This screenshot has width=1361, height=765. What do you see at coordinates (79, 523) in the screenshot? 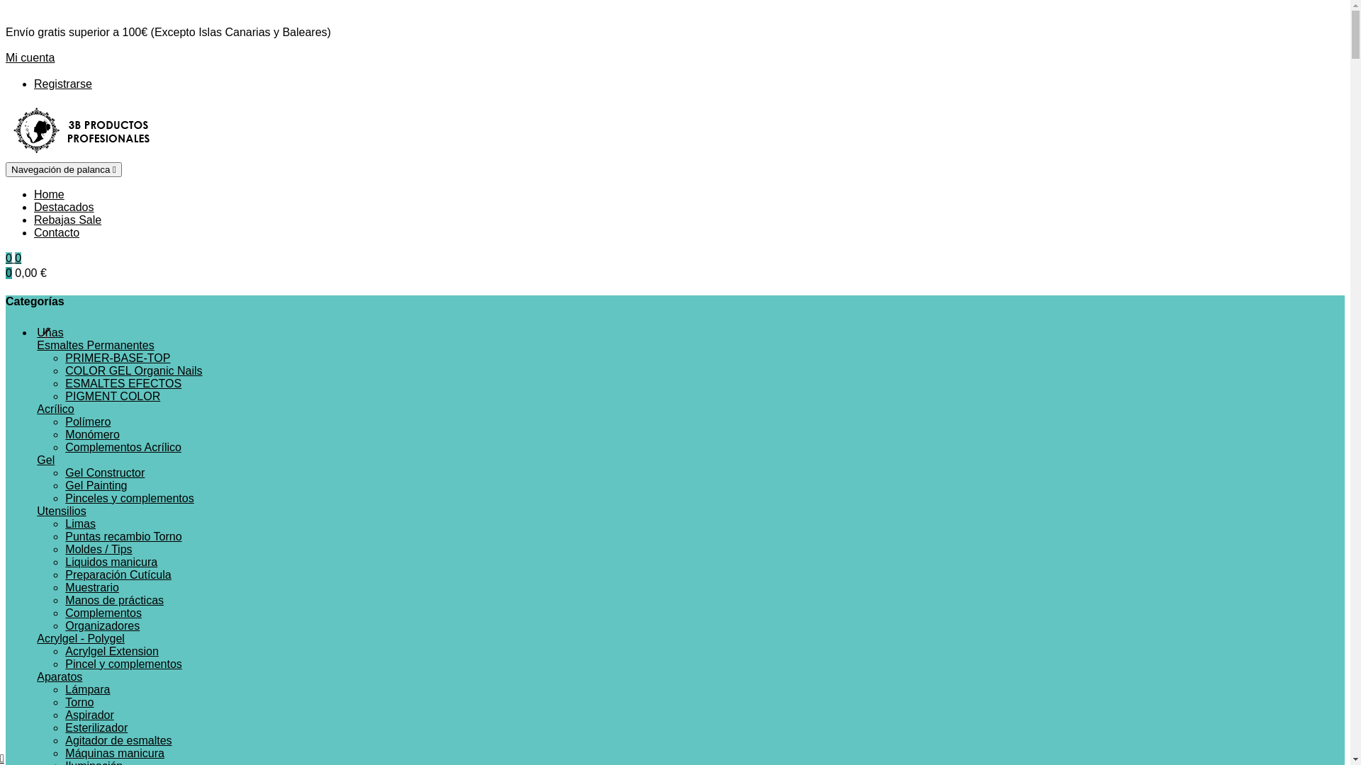
I see `'Limas'` at bounding box center [79, 523].